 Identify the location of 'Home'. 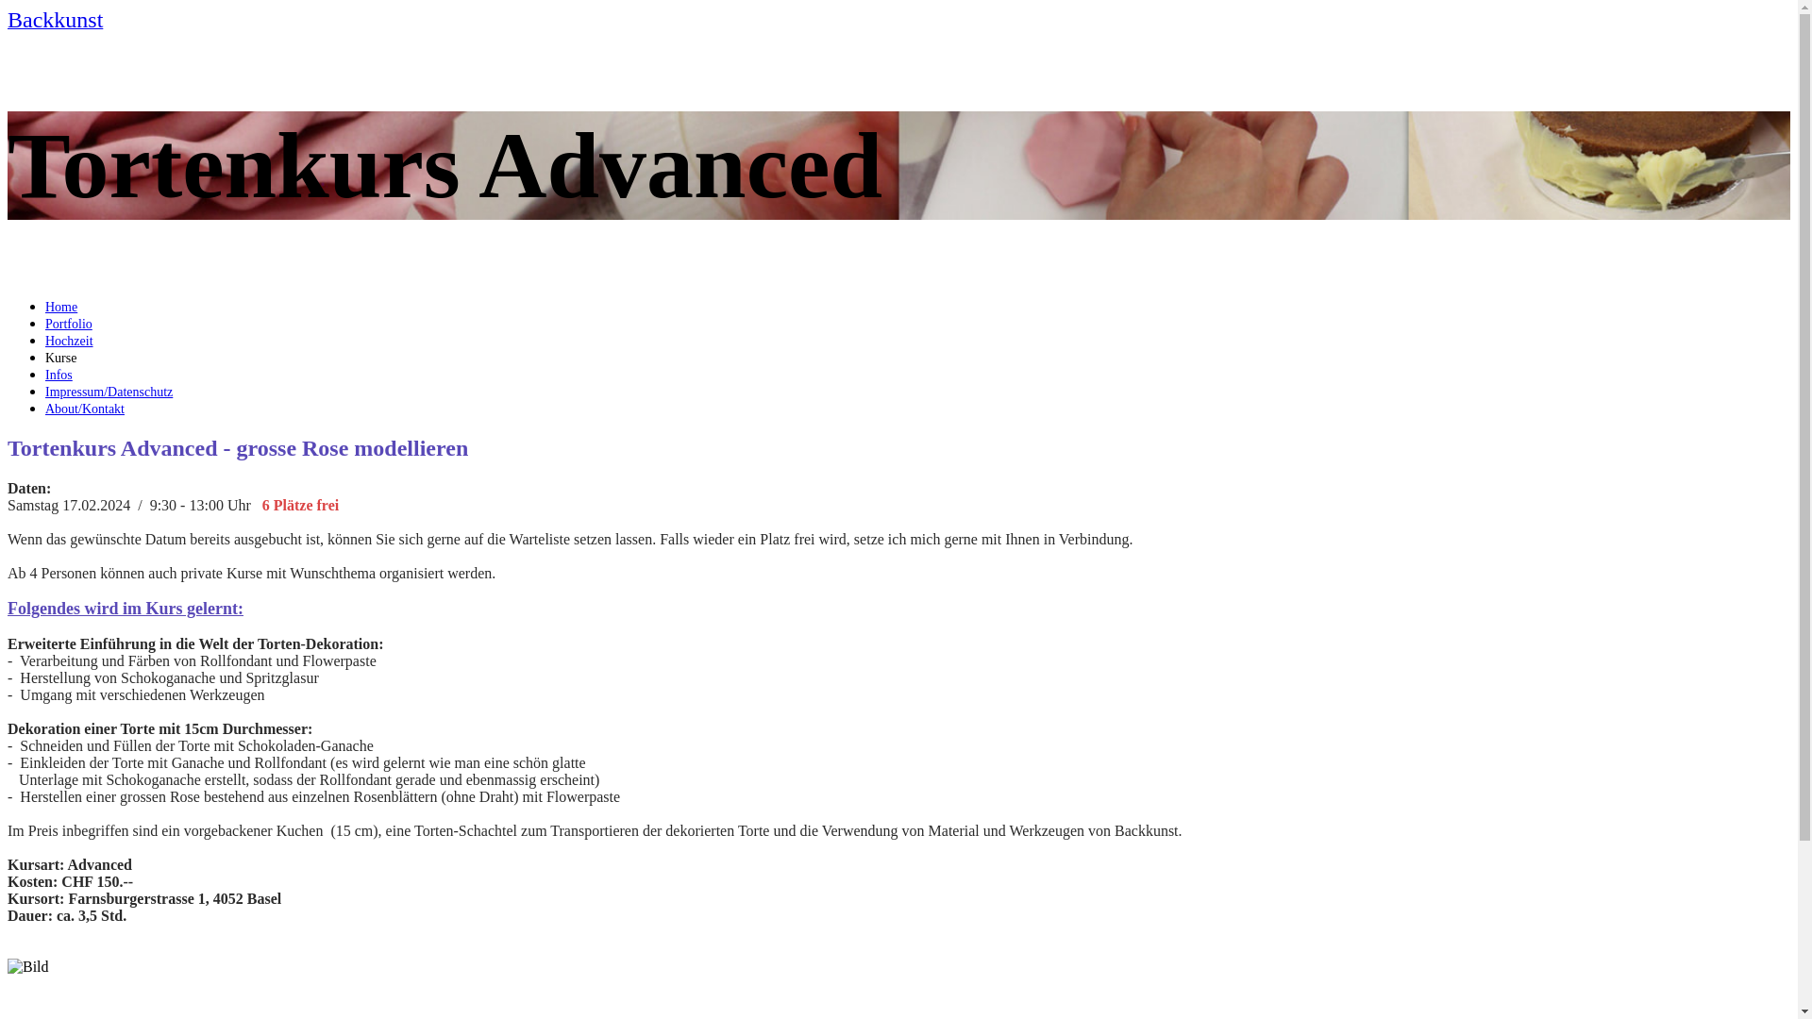
(61, 306).